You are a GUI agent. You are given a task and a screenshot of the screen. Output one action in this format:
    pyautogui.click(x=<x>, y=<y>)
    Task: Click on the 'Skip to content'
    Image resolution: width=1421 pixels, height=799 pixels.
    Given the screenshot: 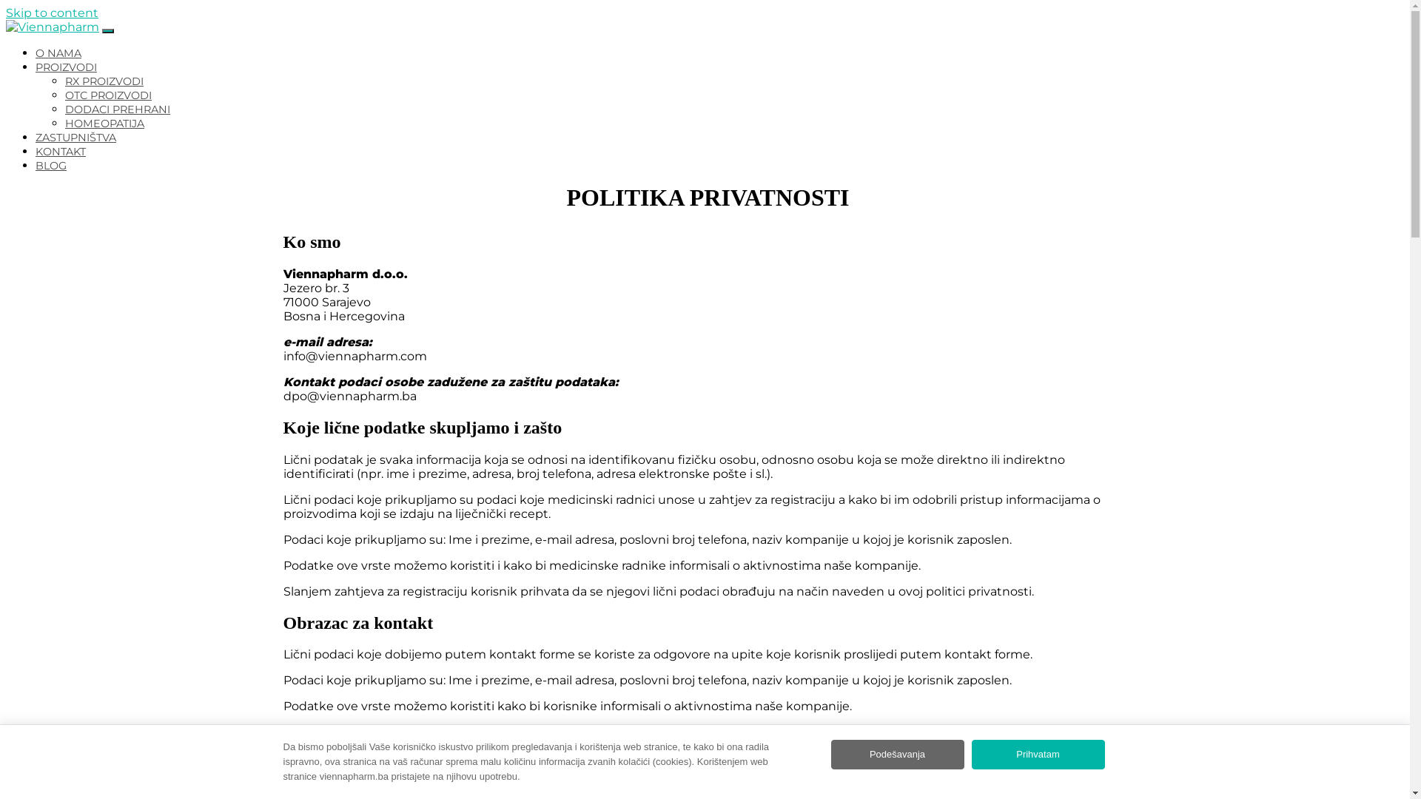 What is the action you would take?
    pyautogui.click(x=52, y=13)
    